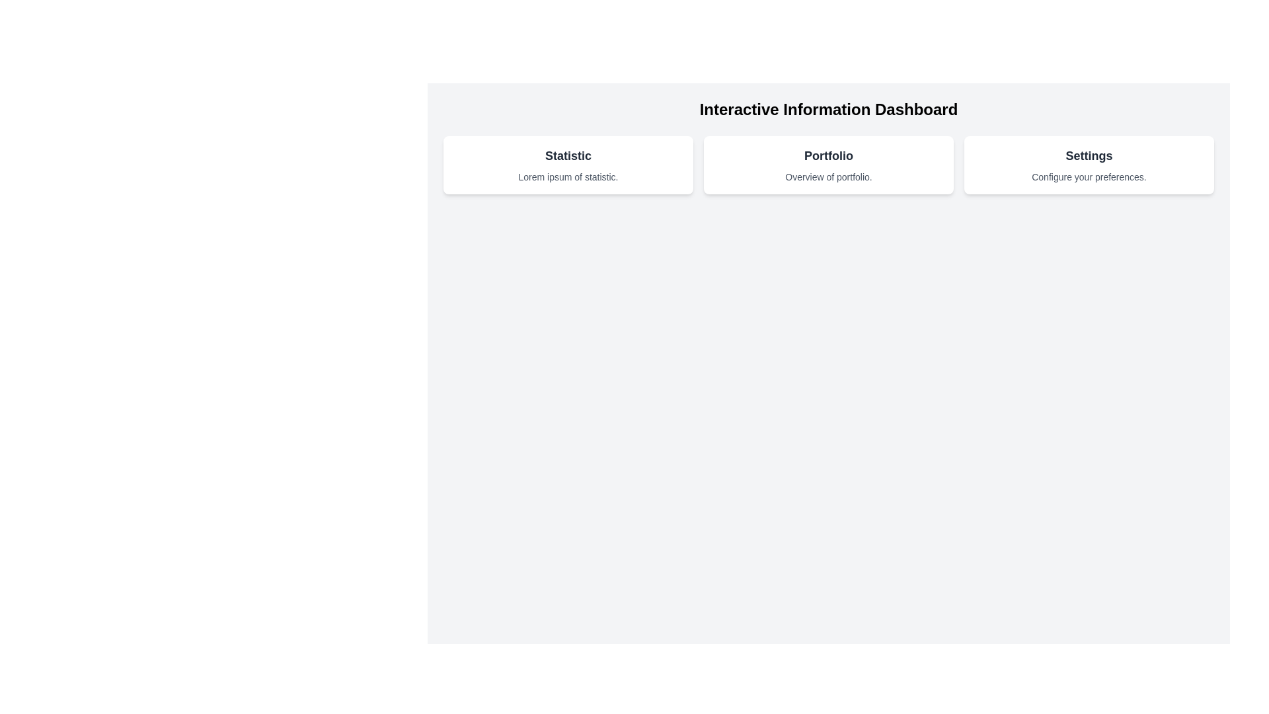 This screenshot has height=714, width=1269. Describe the element at coordinates (568, 165) in the screenshot. I see `the card labeled 'Statistic' to observe the hover effect` at that location.